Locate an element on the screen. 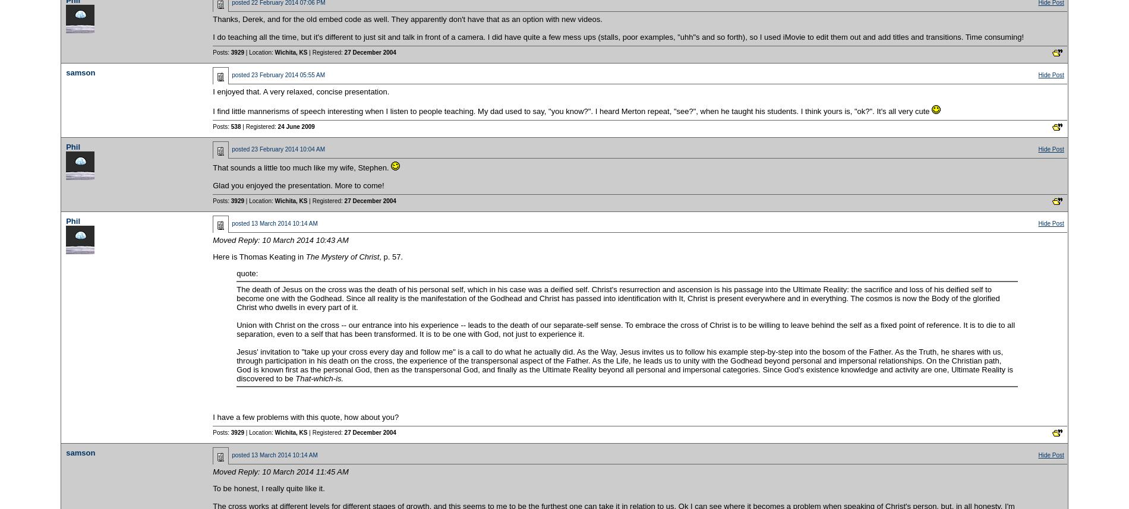 This screenshot has height=509, width=1129. 'Union with Christ on the cross -- our entrance into his experience -- leads to the death of our separate-self sense. To embrace the cross of Christ is to be willing to leave behind the self as a fixed point of reference. It is to die to all separation, even to a self that has been transformed. It is to be one with God, not just to experience it.' is located at coordinates (236, 328).